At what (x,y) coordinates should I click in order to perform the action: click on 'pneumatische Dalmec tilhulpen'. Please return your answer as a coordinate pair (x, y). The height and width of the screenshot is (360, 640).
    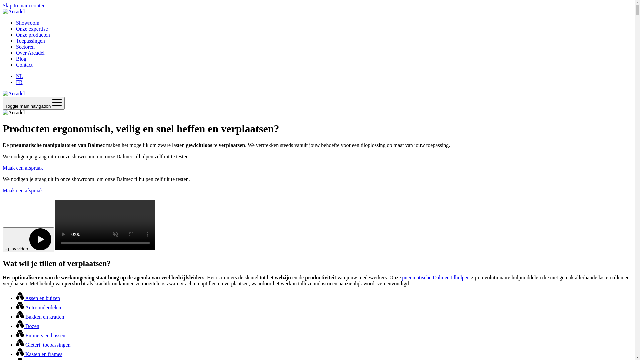
    Looking at the image, I should click on (436, 277).